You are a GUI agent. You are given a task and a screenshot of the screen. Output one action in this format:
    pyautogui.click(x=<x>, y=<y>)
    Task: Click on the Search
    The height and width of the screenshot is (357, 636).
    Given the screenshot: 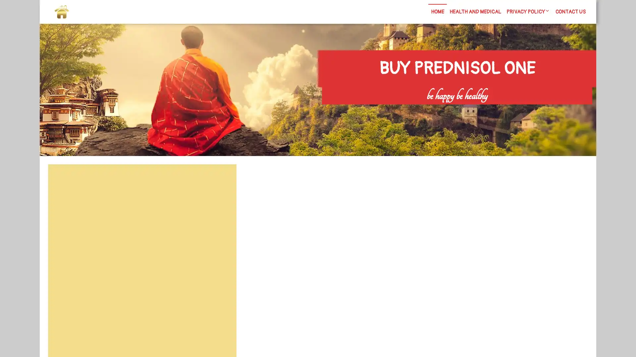 What is the action you would take?
    pyautogui.click(x=516, y=108)
    